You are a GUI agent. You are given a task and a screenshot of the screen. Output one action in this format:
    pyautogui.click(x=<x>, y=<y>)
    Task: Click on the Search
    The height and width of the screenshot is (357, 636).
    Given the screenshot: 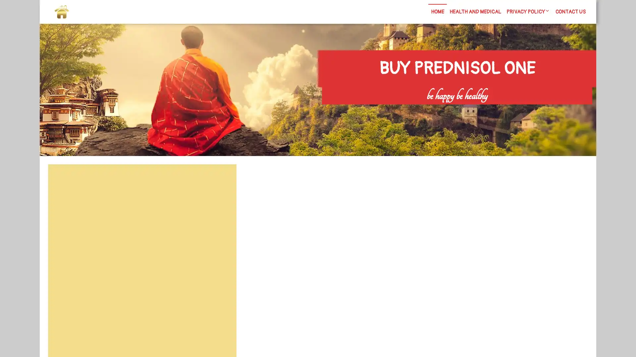 What is the action you would take?
    pyautogui.click(x=516, y=108)
    